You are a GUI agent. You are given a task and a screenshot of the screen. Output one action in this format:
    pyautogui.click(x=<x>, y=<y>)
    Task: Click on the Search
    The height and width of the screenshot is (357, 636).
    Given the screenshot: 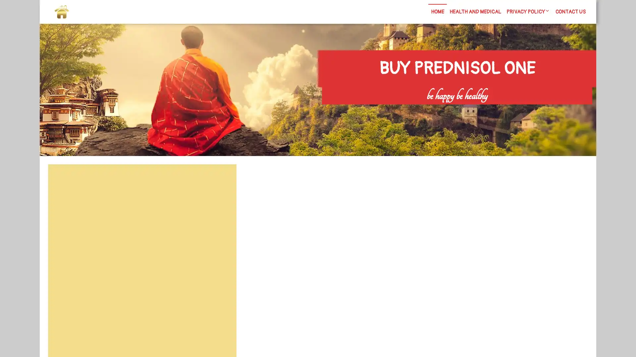 What is the action you would take?
    pyautogui.click(x=516, y=108)
    